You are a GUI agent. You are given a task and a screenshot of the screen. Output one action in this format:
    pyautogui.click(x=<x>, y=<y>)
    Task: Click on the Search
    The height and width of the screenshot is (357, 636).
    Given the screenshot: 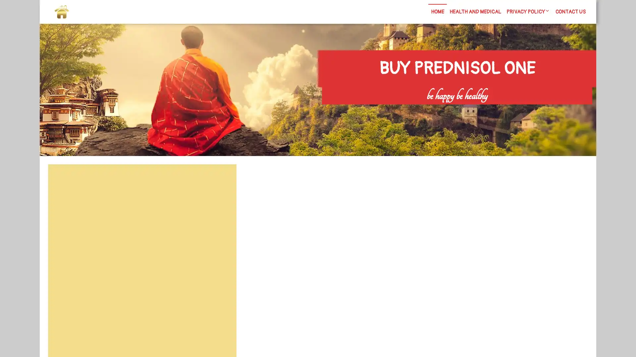 What is the action you would take?
    pyautogui.click(x=516, y=108)
    